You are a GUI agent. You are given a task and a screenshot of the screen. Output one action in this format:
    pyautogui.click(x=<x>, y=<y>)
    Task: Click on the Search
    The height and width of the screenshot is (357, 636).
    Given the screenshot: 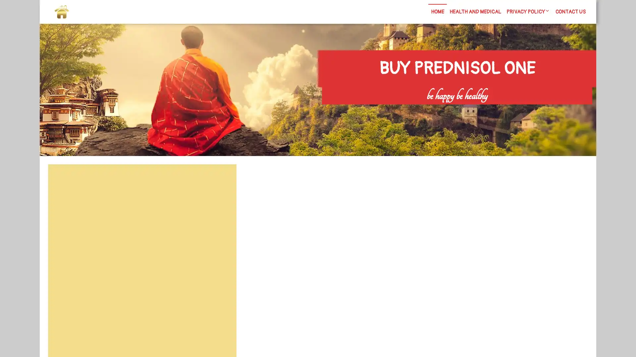 What is the action you would take?
    pyautogui.click(x=516, y=108)
    